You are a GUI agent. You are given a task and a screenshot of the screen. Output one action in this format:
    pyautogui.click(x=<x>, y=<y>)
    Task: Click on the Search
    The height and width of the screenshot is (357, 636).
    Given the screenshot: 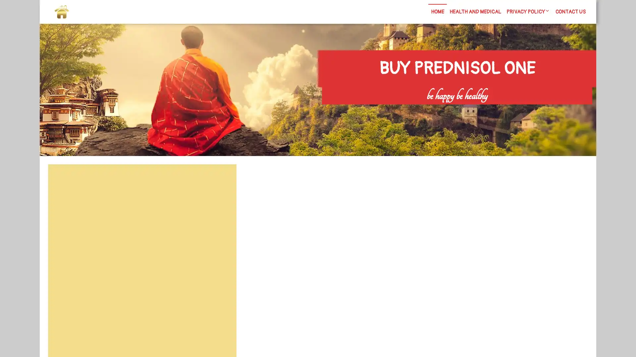 What is the action you would take?
    pyautogui.click(x=516, y=108)
    